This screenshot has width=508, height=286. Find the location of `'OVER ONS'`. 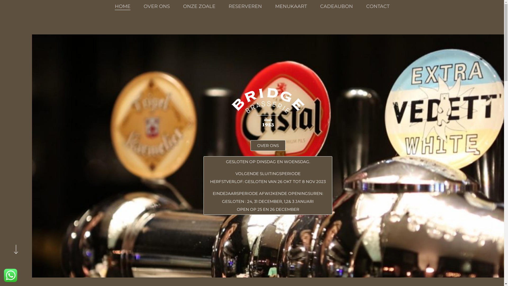

'OVER ONS' is located at coordinates (156, 6).